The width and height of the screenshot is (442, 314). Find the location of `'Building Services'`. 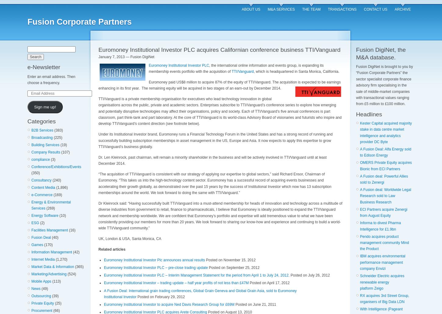

'Building Services' is located at coordinates (45, 144).